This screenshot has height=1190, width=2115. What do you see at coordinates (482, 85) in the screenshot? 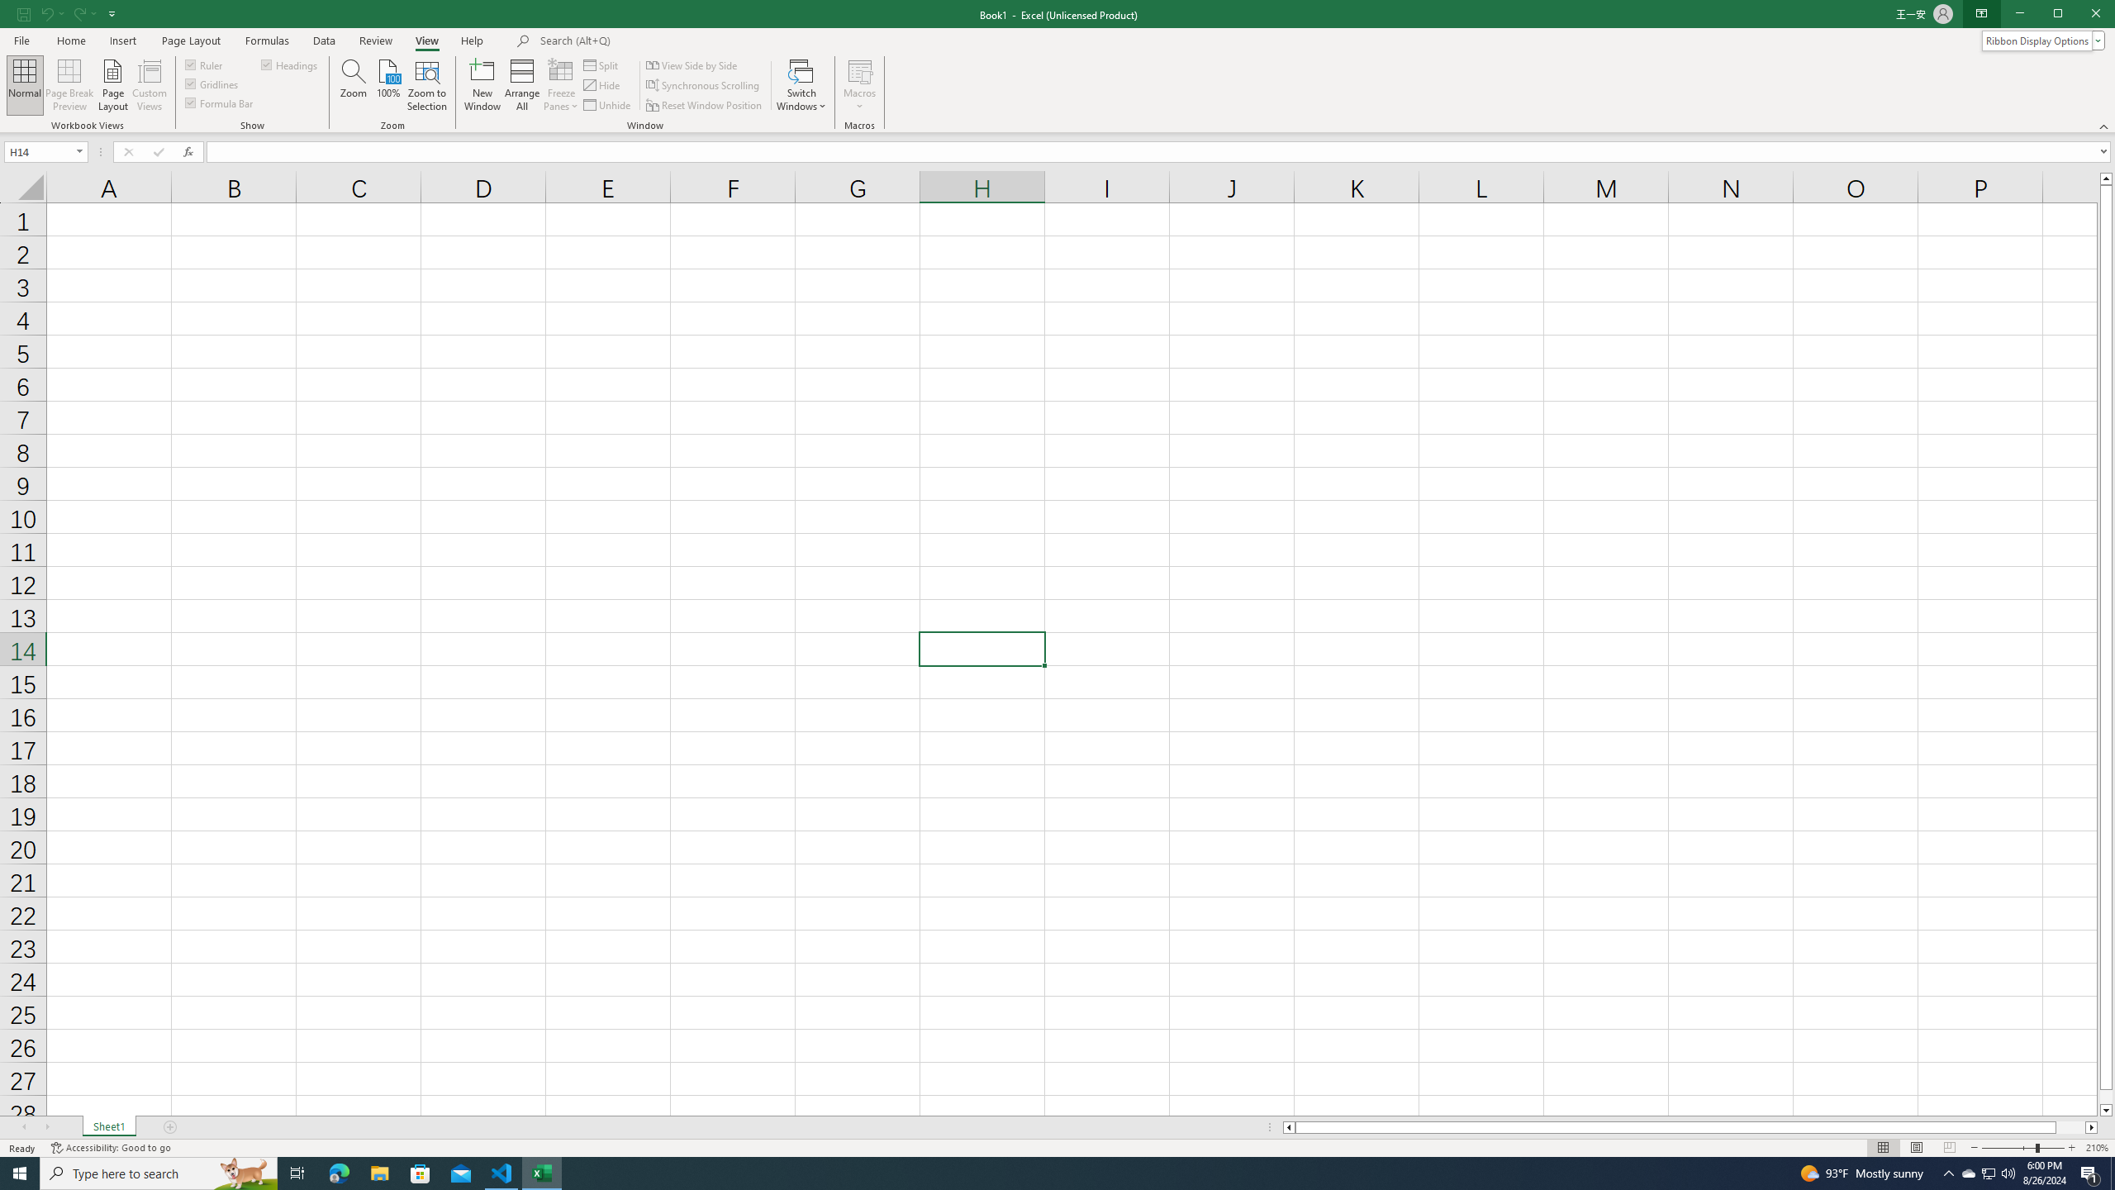
I see `'New Window'` at bounding box center [482, 85].